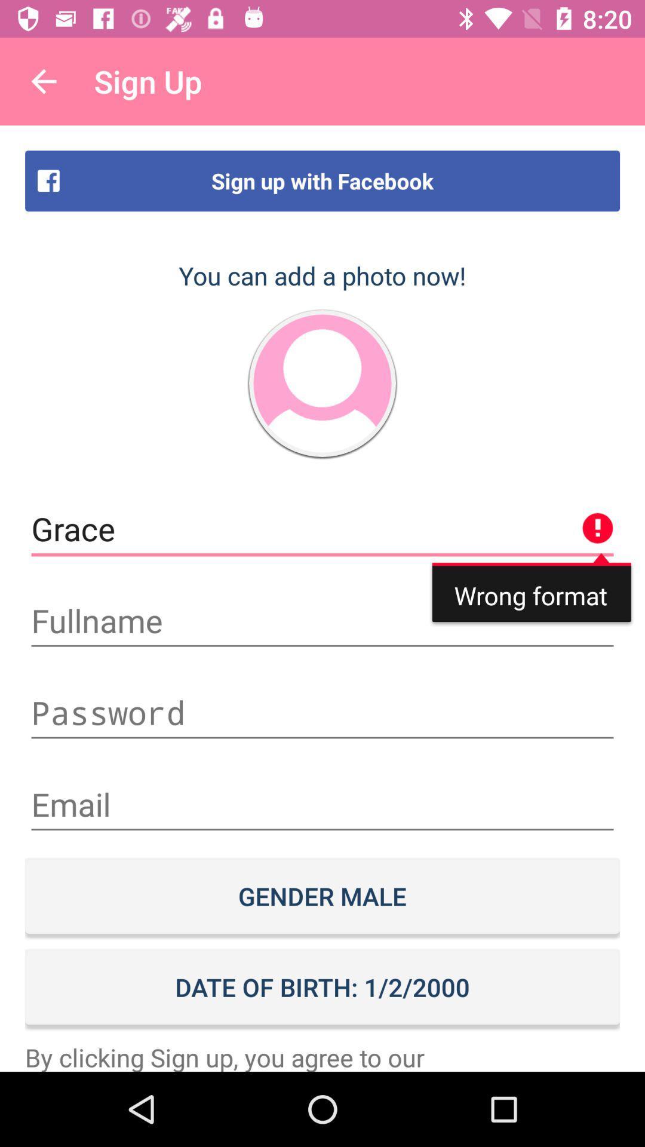  I want to click on email, so click(322, 805).